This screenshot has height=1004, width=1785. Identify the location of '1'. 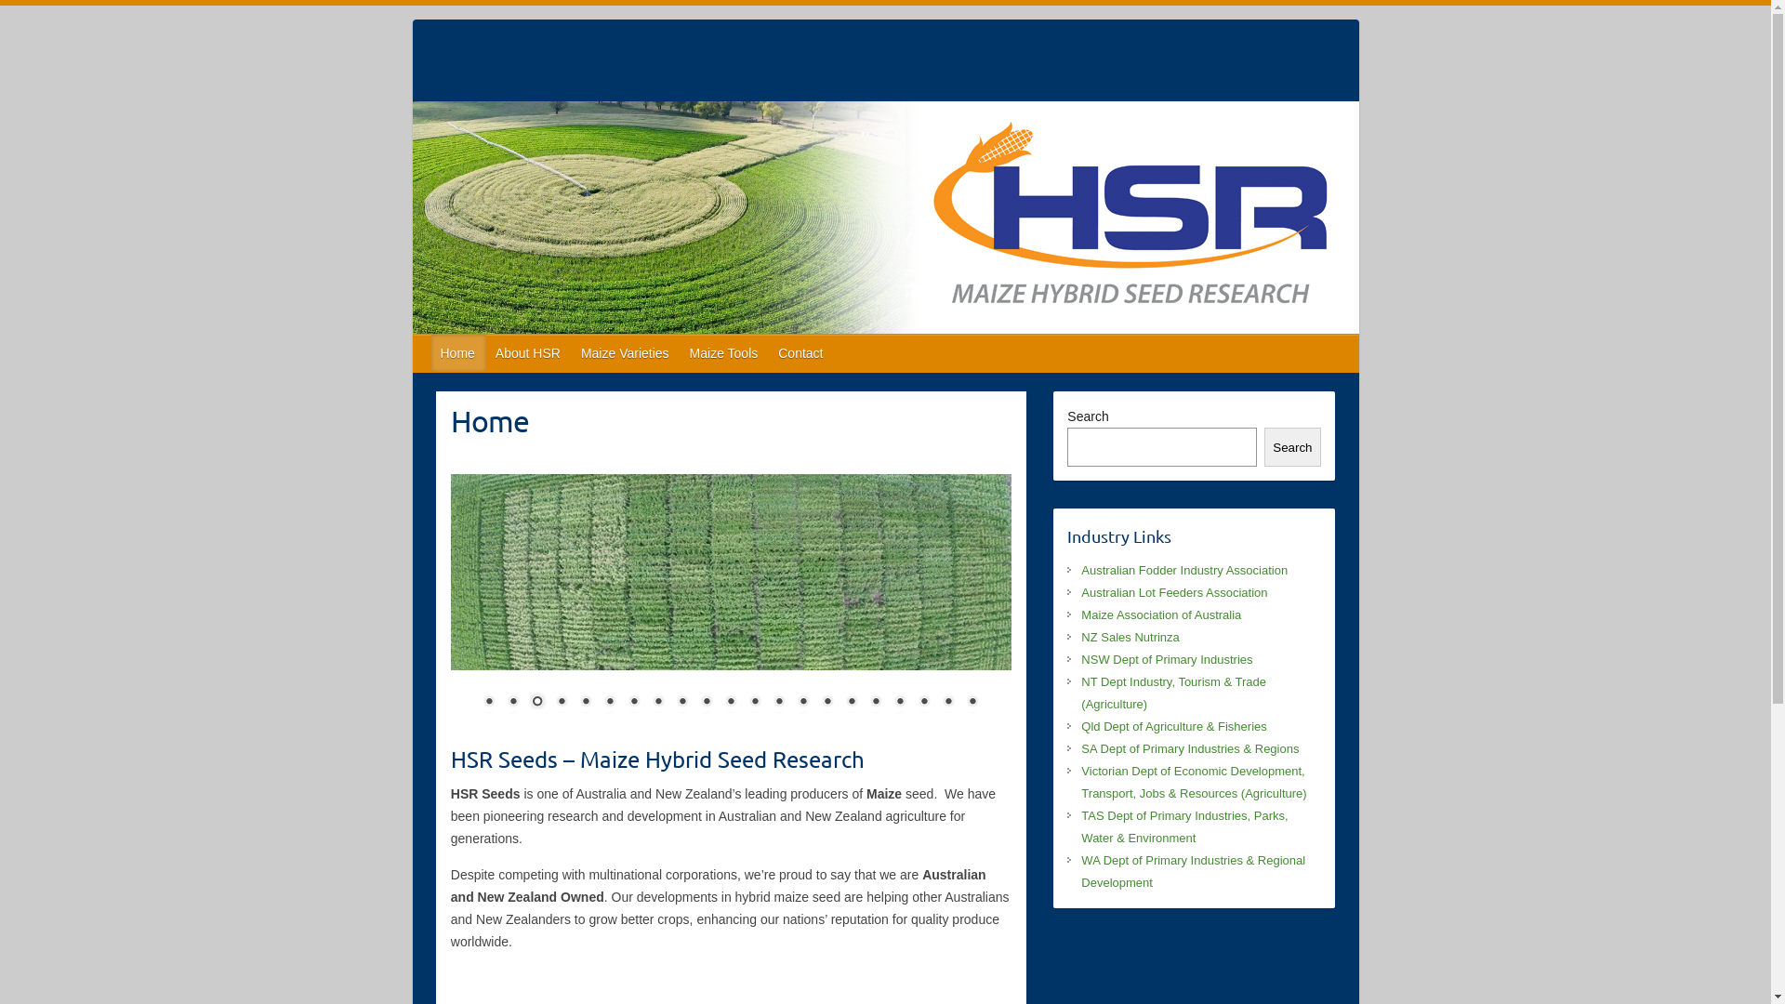
(489, 703).